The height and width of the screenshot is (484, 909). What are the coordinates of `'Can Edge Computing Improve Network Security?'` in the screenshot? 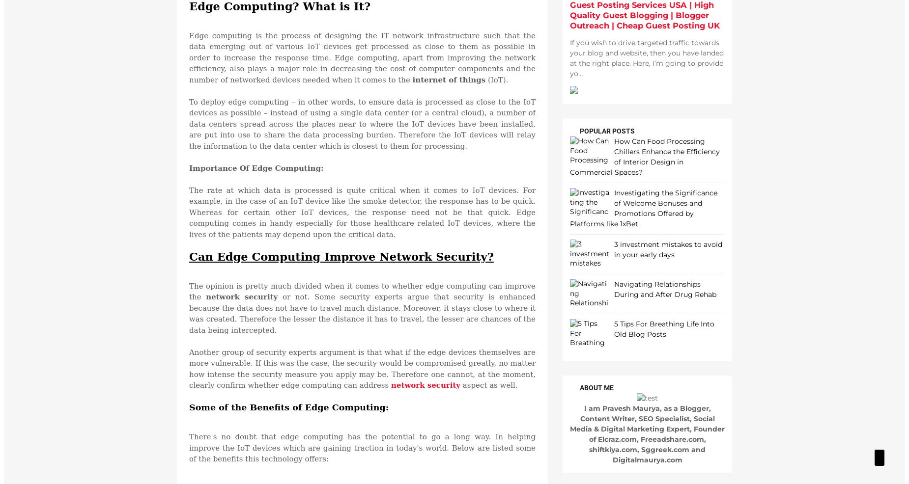 It's located at (341, 255).